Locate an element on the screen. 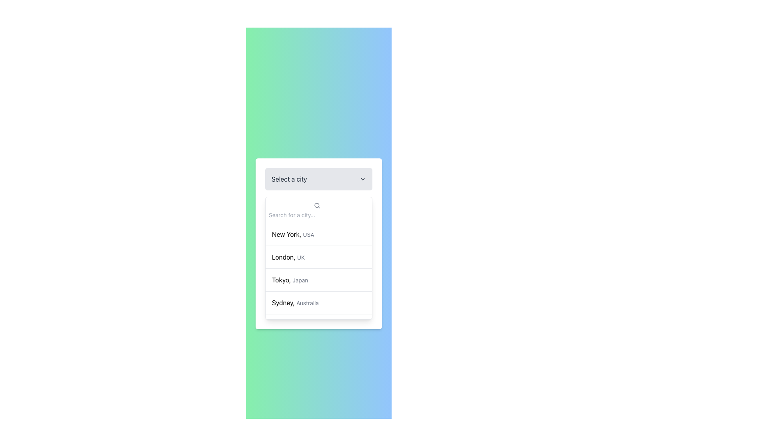 This screenshot has height=432, width=768. the circular graphical element representing the magnifying glass icon in the search functionality layout is located at coordinates (316, 205).